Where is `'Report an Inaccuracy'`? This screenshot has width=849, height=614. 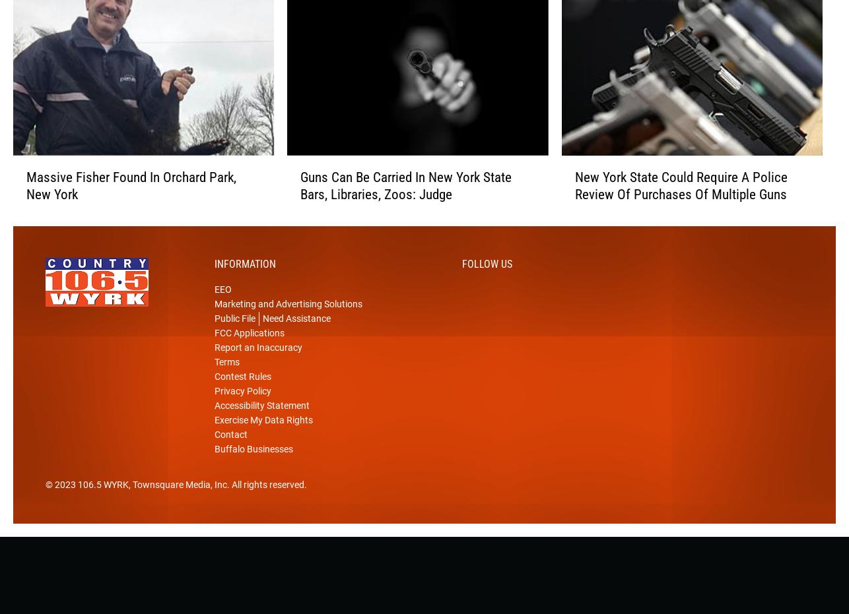 'Report an Inaccuracy' is located at coordinates (257, 367).